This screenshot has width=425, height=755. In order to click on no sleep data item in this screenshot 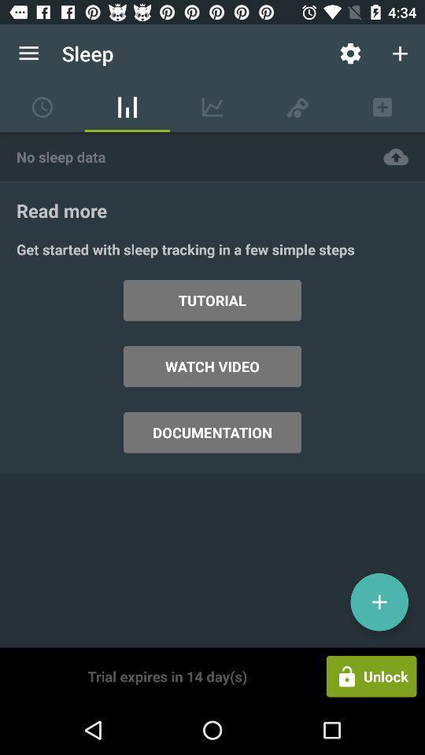, I will do `click(183, 157)`.